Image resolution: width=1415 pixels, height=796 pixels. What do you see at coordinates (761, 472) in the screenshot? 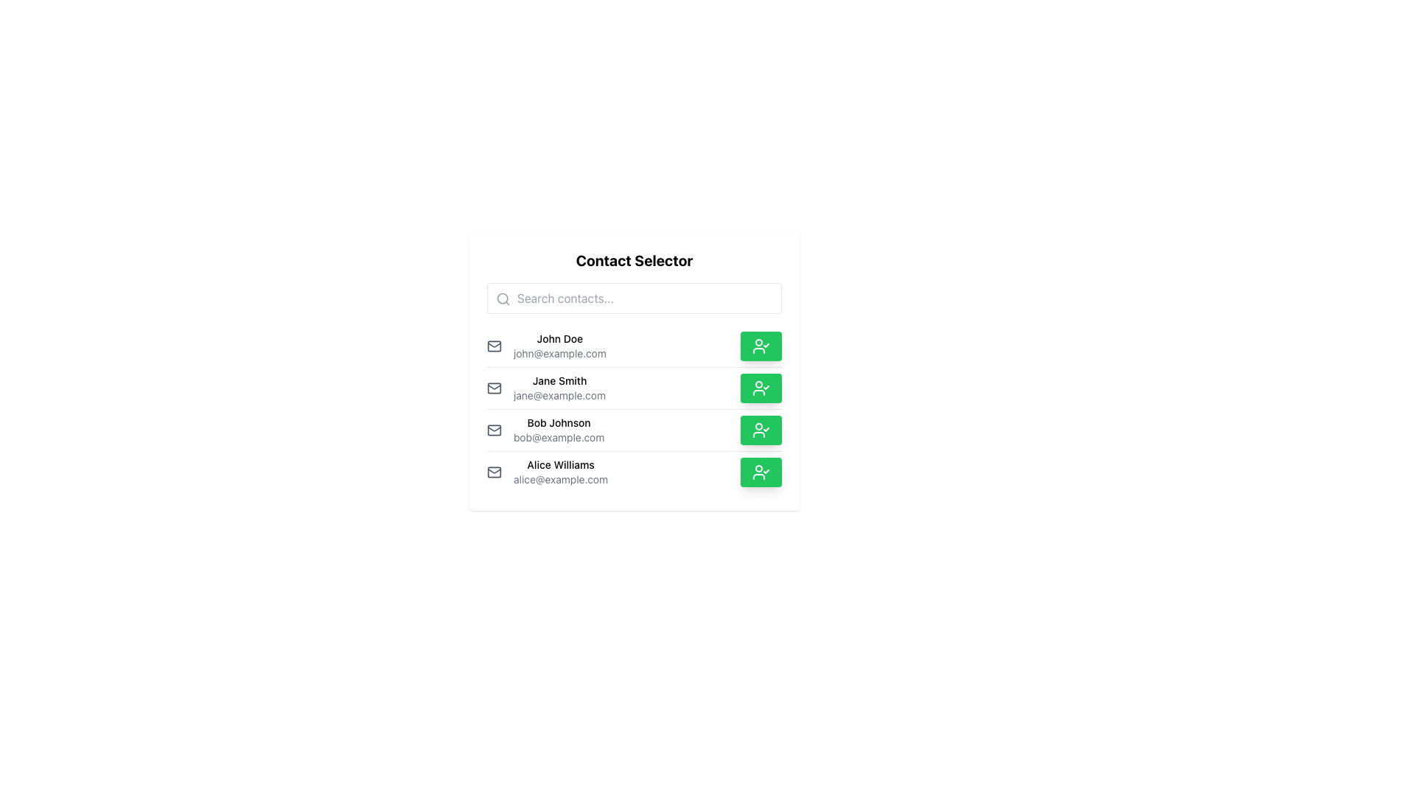
I see `the fourth green rectangular button with a rounded border that contains a white outlined user icon with a checkmark, located in the contact list next to 'Alice Williams' and 'alice@example.com'` at bounding box center [761, 472].